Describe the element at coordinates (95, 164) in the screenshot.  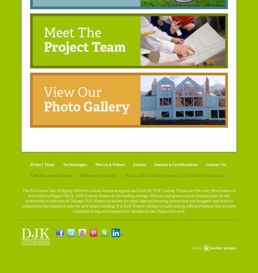
I see `'Photos & Videos'` at that location.